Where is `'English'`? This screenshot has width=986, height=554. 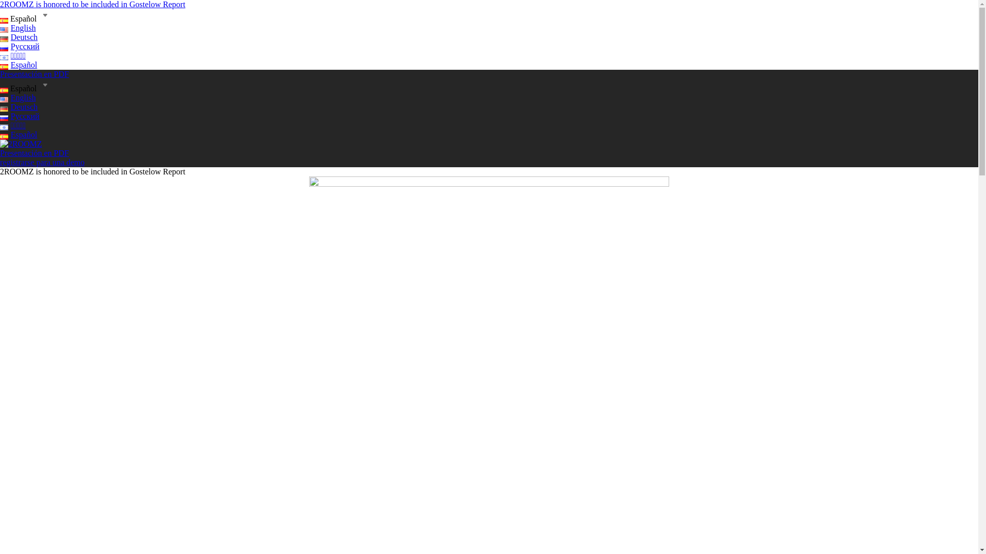 'English' is located at coordinates (17, 27).